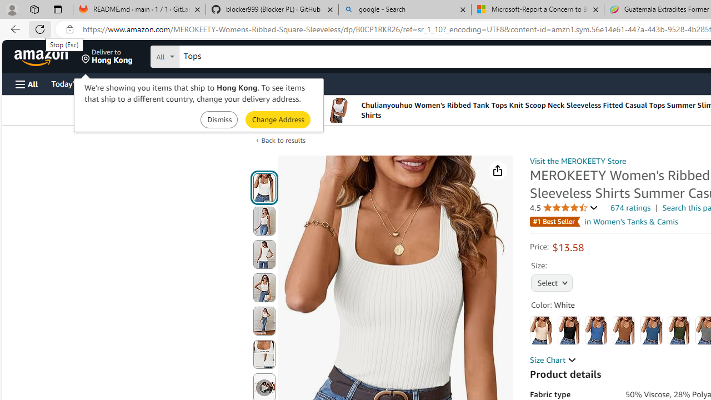 Image resolution: width=711 pixels, height=400 pixels. I want to click on 'AutomationID: native_dropdown_selected_size_name', so click(552, 281).